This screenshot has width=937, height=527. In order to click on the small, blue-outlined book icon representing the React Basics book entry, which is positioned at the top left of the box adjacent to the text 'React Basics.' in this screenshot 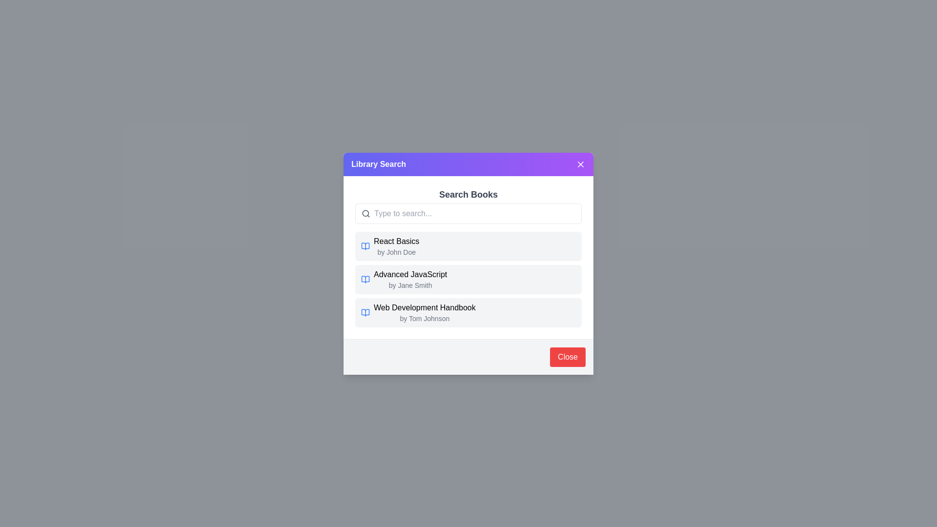, I will do `click(365, 245)`.